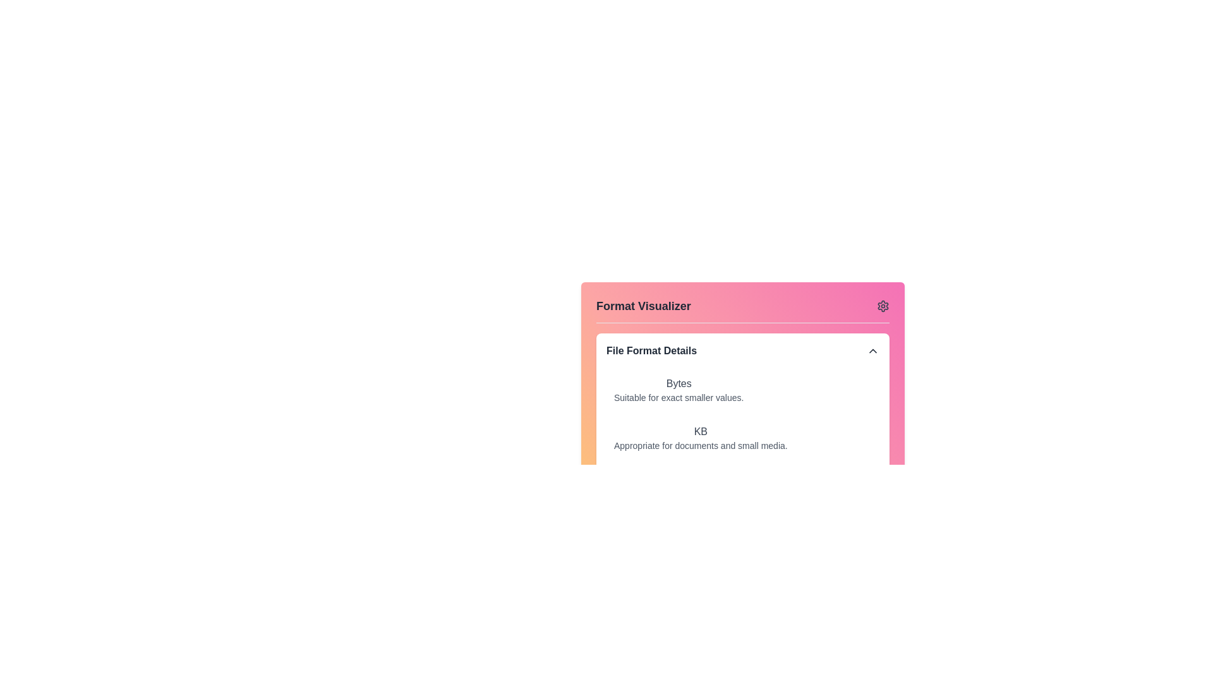 Image resolution: width=1213 pixels, height=682 pixels. What do you see at coordinates (743, 438) in the screenshot?
I see `the second item in the list that displays 'KB' with a description of 'Appropriate for documents and small media.'` at bounding box center [743, 438].